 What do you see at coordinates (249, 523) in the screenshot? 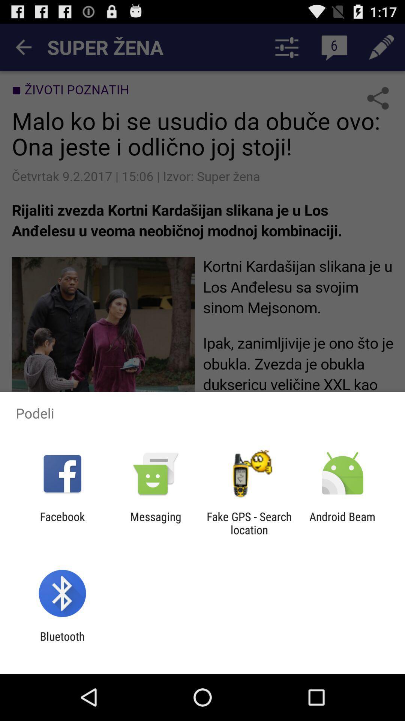
I see `fake gps search icon` at bounding box center [249, 523].